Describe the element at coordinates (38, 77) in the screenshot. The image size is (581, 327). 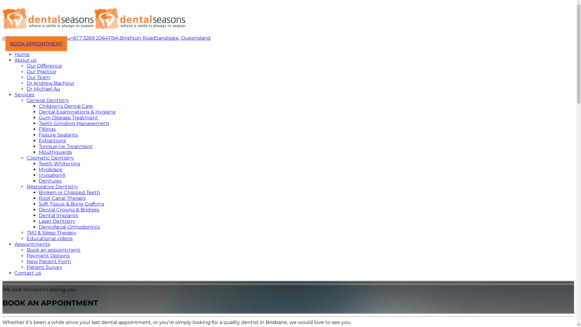
I see `'Our Team'` at that location.